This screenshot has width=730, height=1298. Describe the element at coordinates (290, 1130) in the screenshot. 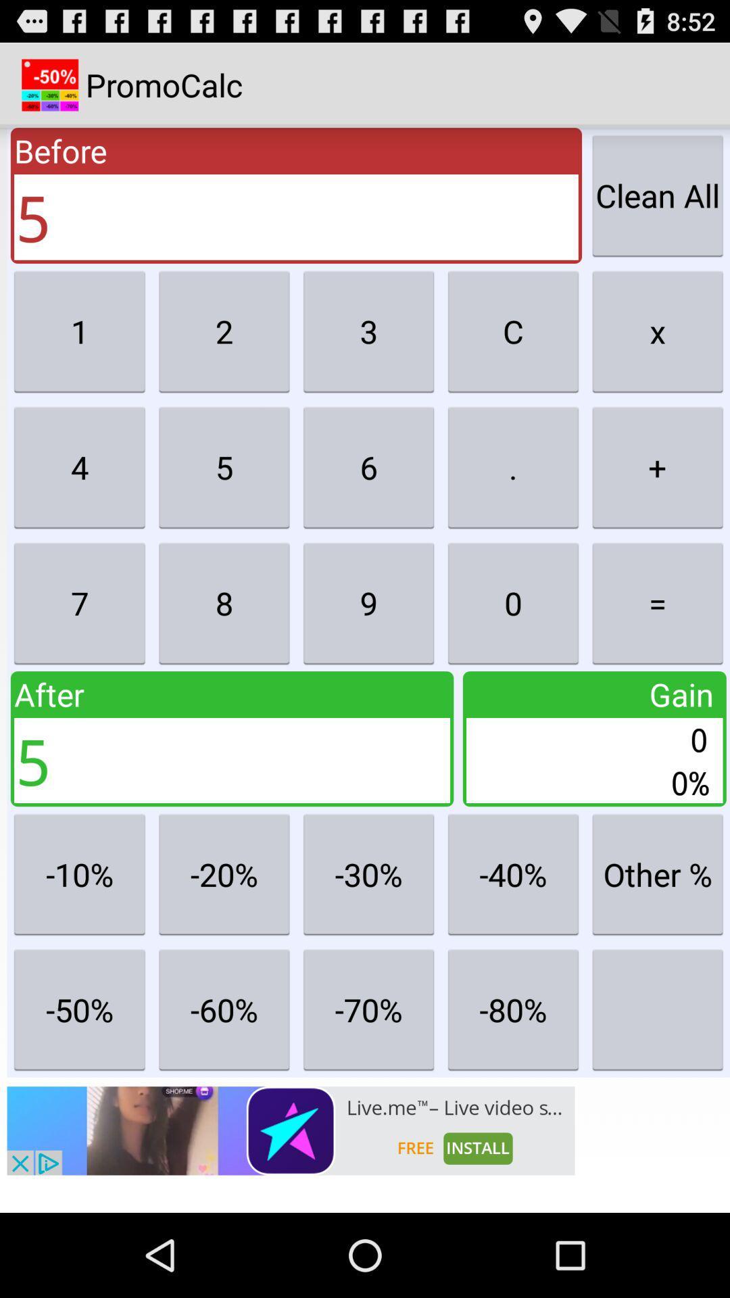

I see `advertisements` at that location.